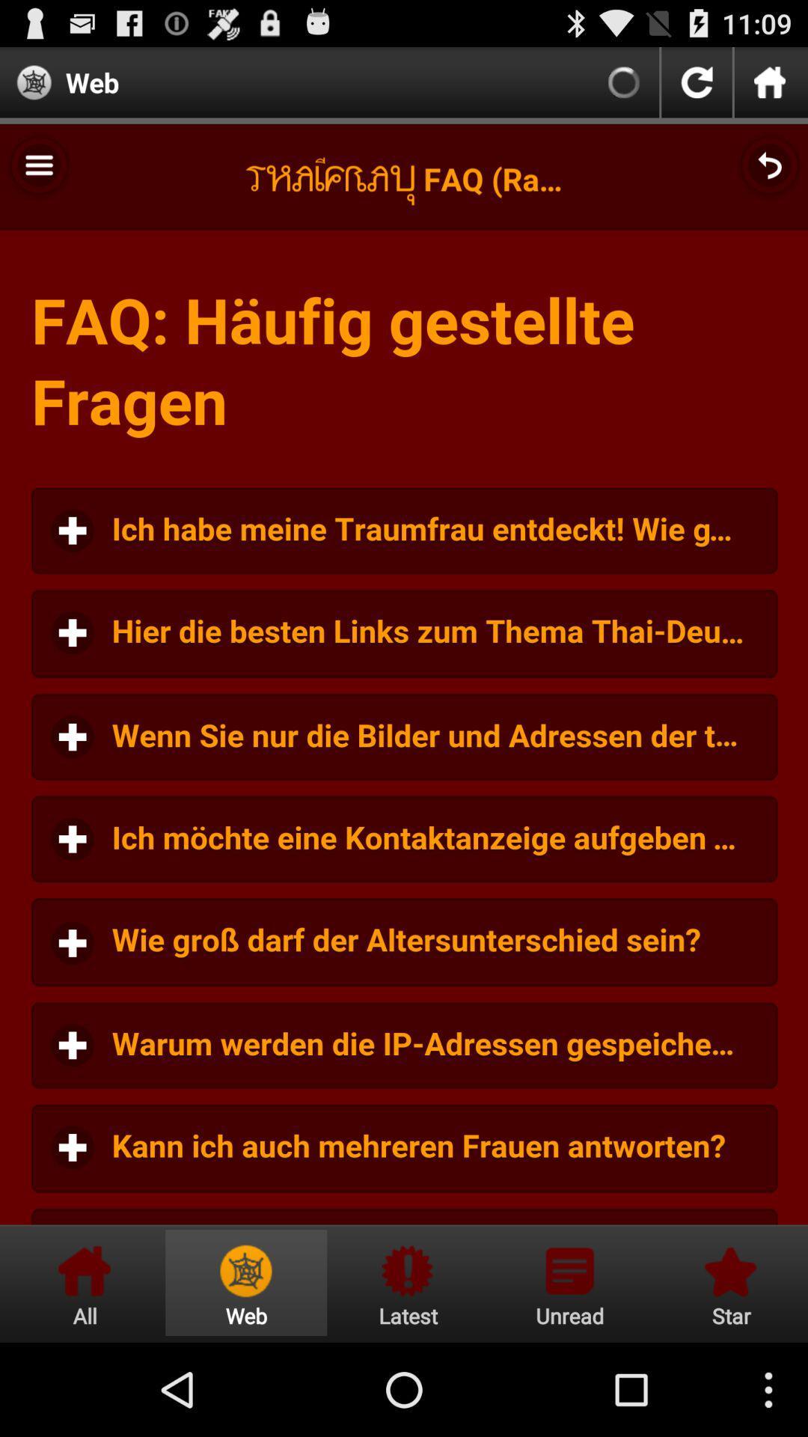  I want to click on like this page, so click(728, 1282).